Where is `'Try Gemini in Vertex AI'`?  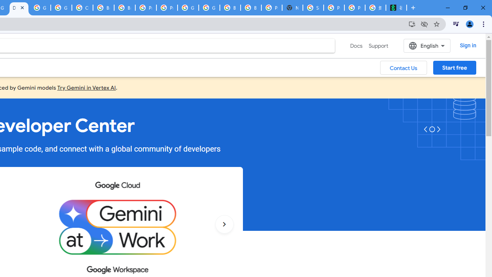 'Try Gemini in Vertex AI' is located at coordinates (86, 87).